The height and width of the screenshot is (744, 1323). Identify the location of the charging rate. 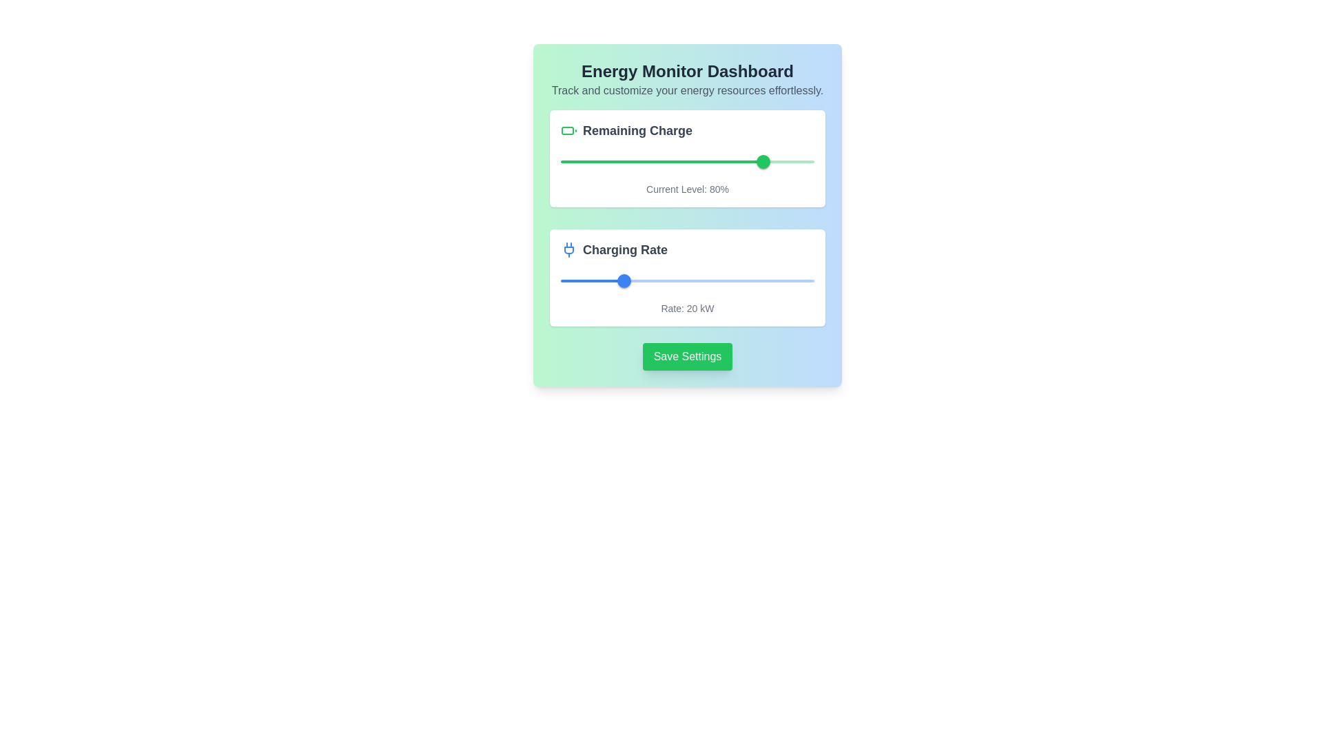
(626, 280).